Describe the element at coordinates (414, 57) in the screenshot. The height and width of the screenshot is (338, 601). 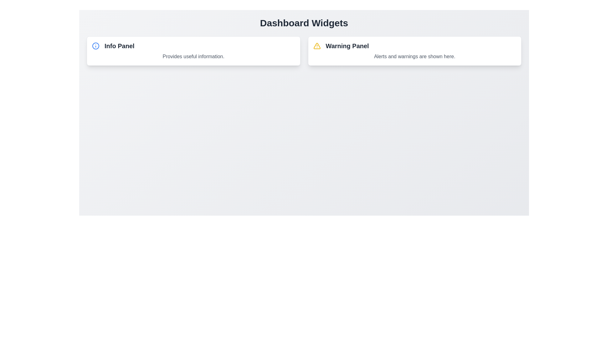
I see `information provided by the descriptive Text label located at the bottom of the 'Warning Panel', below the warning icon` at that location.